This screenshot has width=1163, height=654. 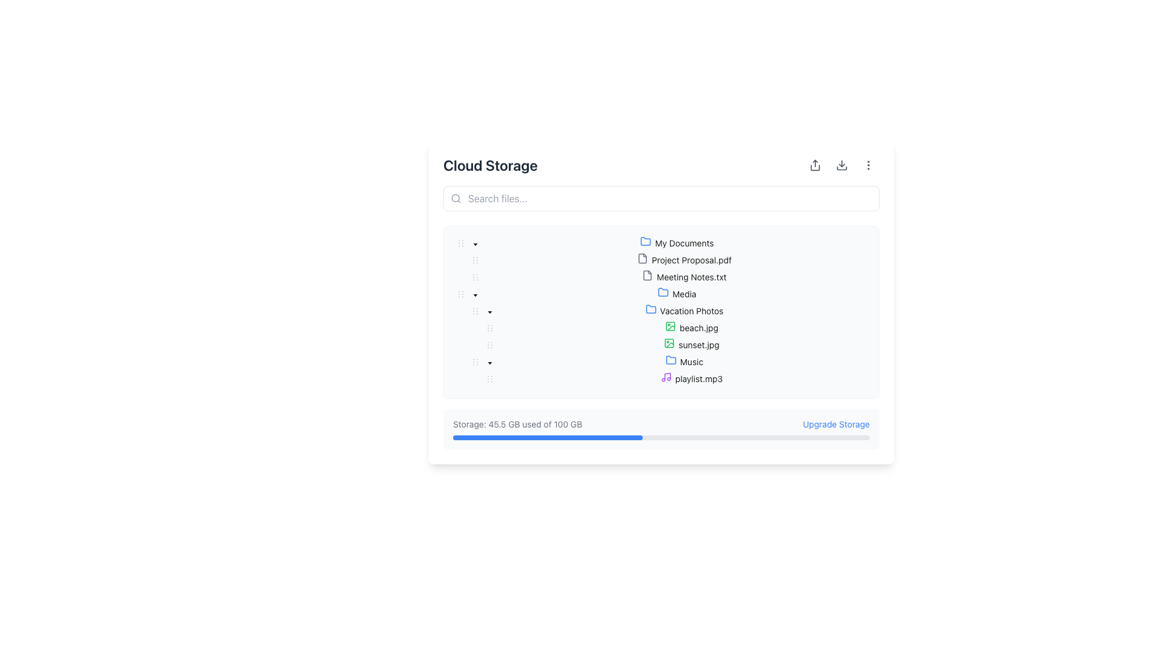 What do you see at coordinates (660, 345) in the screenshot?
I see `to select the file 'sunset.jpg' in the tree view under the 'Vacation Photos' folder` at bounding box center [660, 345].